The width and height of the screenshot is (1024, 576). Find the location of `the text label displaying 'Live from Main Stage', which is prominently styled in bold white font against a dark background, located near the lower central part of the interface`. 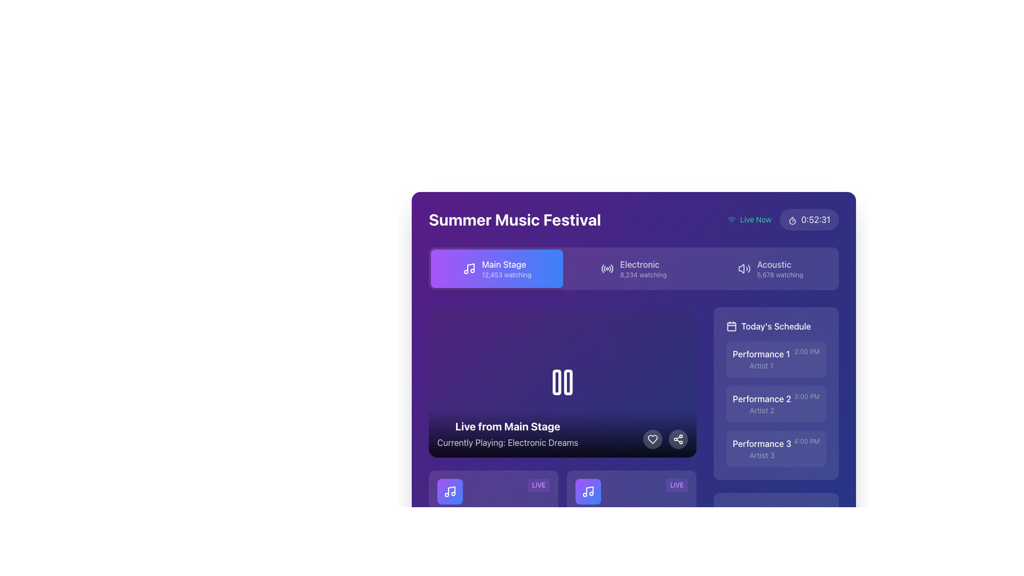

the text label displaying 'Live from Main Stage', which is prominently styled in bold white font against a dark background, located near the lower central part of the interface is located at coordinates (507, 426).